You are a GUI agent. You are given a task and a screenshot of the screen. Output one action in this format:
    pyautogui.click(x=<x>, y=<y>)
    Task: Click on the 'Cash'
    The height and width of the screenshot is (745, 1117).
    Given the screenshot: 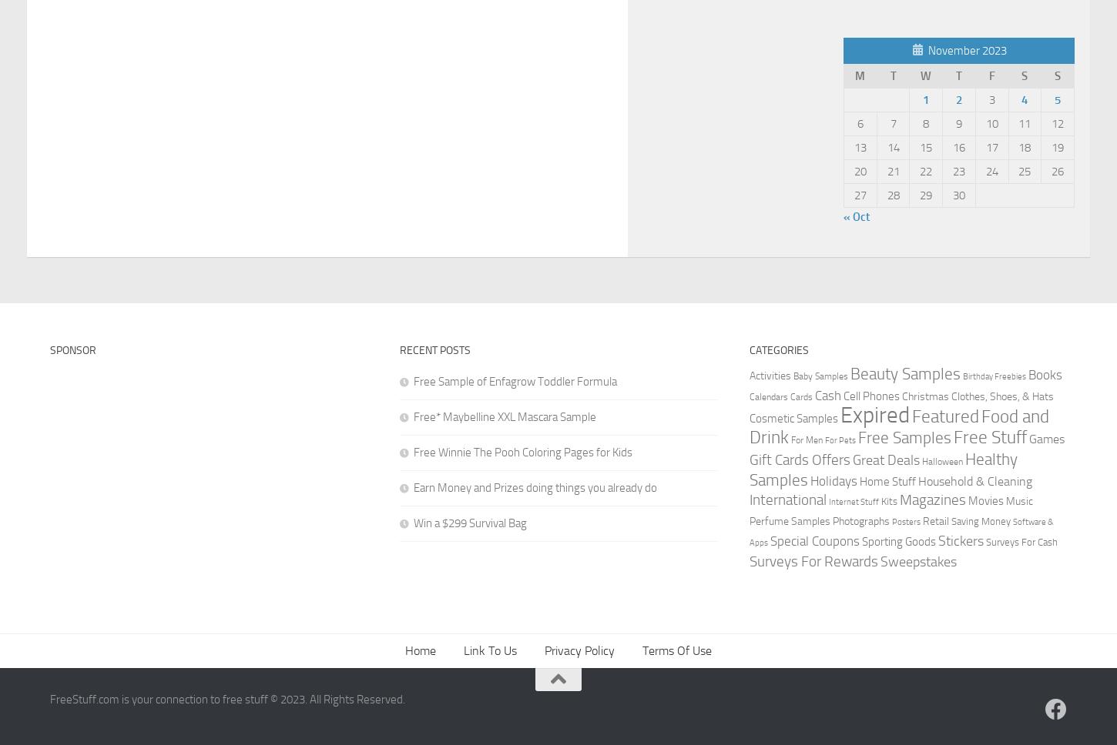 What is the action you would take?
    pyautogui.click(x=828, y=396)
    